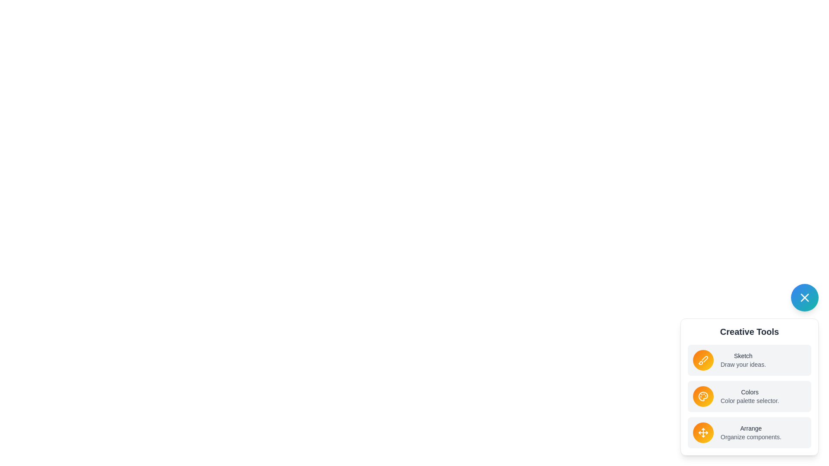 The height and width of the screenshot is (466, 829). Describe the element at coordinates (703, 396) in the screenshot. I see `the Colors icon to activate its functionality` at that location.